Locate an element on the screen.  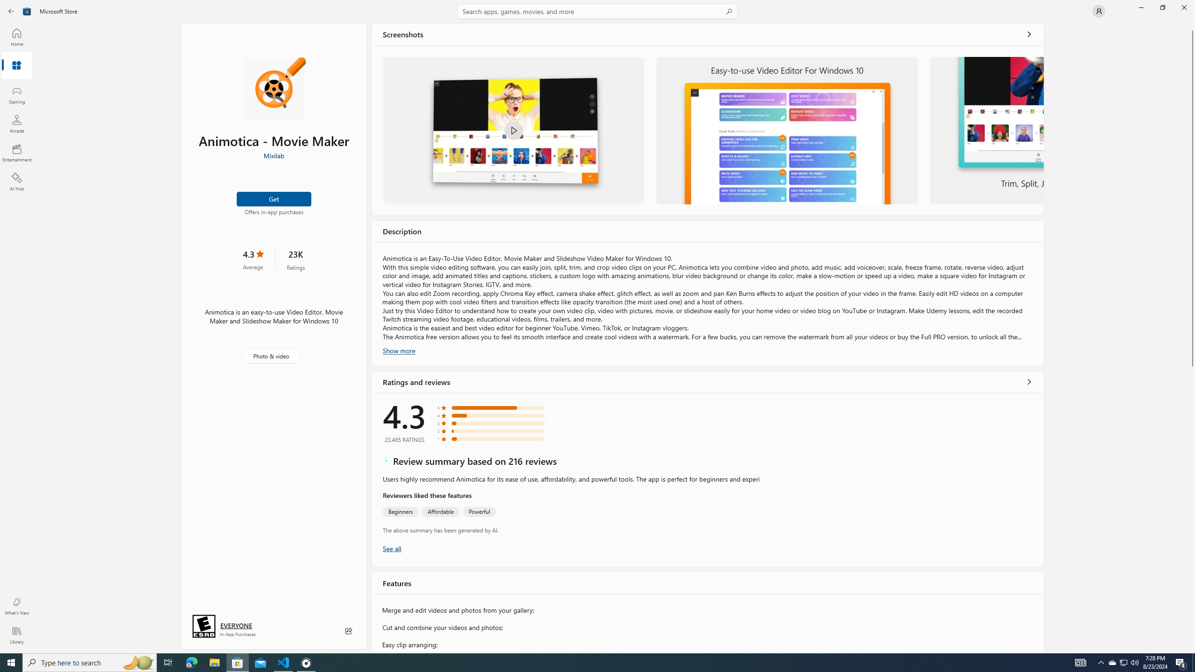
'Photo & video' is located at coordinates (270, 356).